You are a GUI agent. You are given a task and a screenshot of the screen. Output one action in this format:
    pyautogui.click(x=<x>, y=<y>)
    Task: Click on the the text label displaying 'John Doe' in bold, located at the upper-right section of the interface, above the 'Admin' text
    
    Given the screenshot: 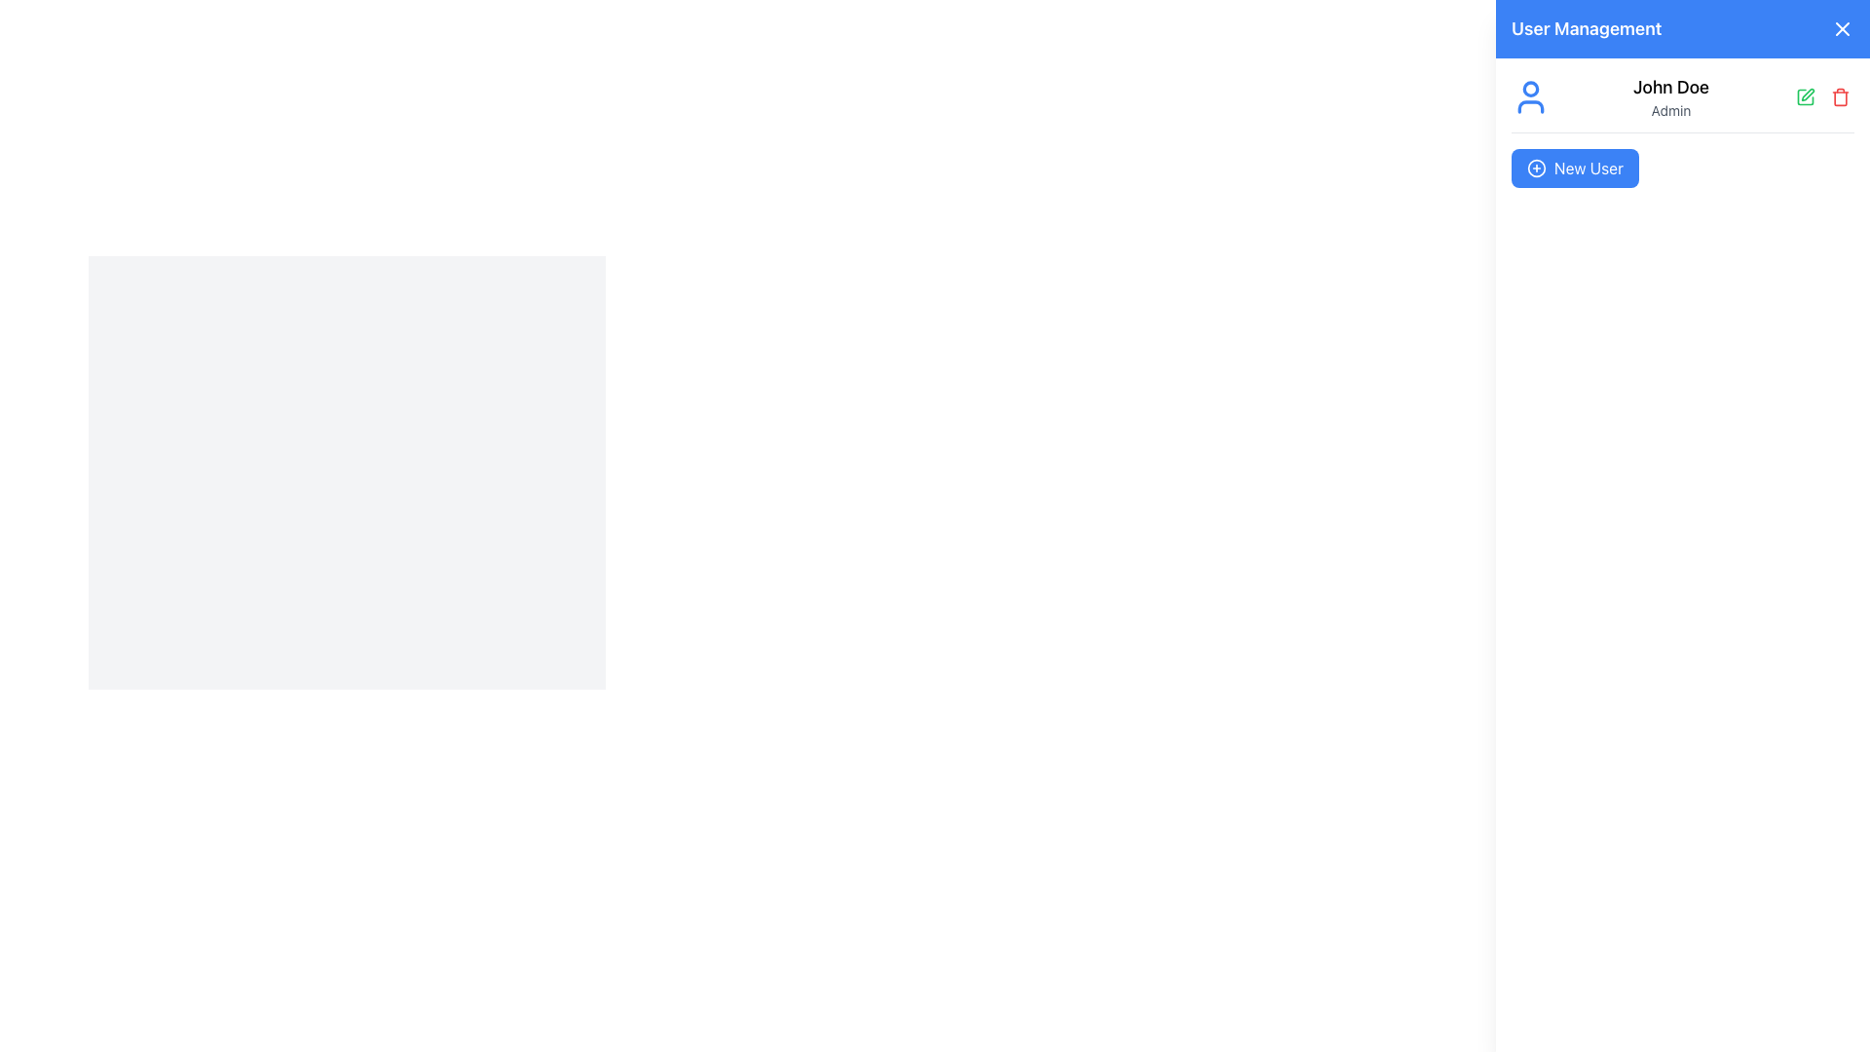 What is the action you would take?
    pyautogui.click(x=1670, y=86)
    